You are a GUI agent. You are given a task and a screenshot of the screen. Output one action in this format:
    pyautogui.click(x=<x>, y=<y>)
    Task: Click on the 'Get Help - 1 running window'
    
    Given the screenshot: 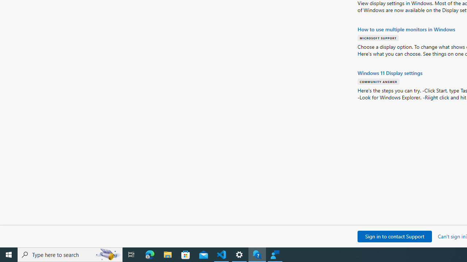 What is the action you would take?
    pyautogui.click(x=257, y=254)
    